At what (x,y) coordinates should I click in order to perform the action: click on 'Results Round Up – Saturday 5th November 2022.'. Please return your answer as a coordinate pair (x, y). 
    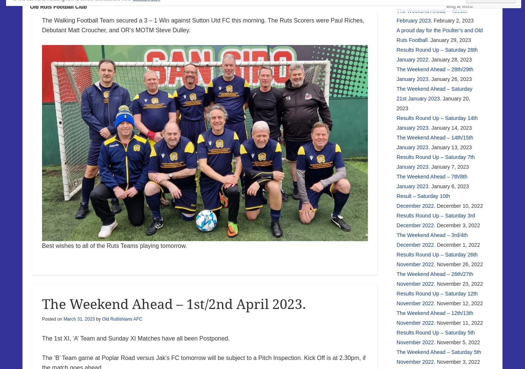
    Looking at the image, I should click on (435, 337).